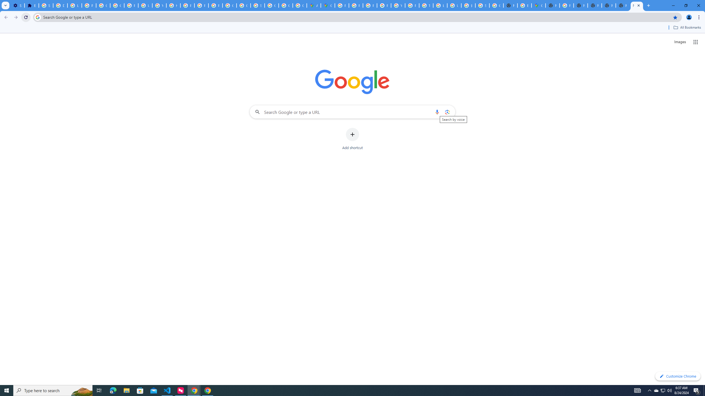 This screenshot has height=396, width=705. What do you see at coordinates (60, 5) in the screenshot?
I see `'Delete photos & videos - Computer - Google Photos Help'` at bounding box center [60, 5].